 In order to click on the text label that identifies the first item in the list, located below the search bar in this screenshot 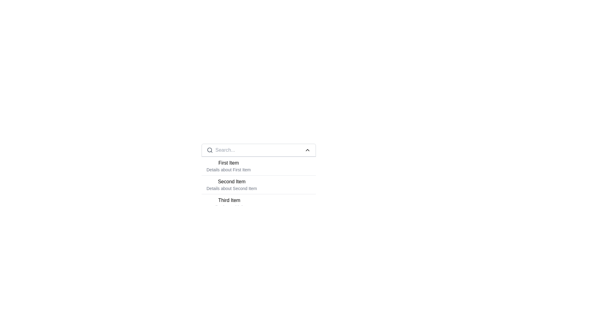, I will do `click(228, 163)`.